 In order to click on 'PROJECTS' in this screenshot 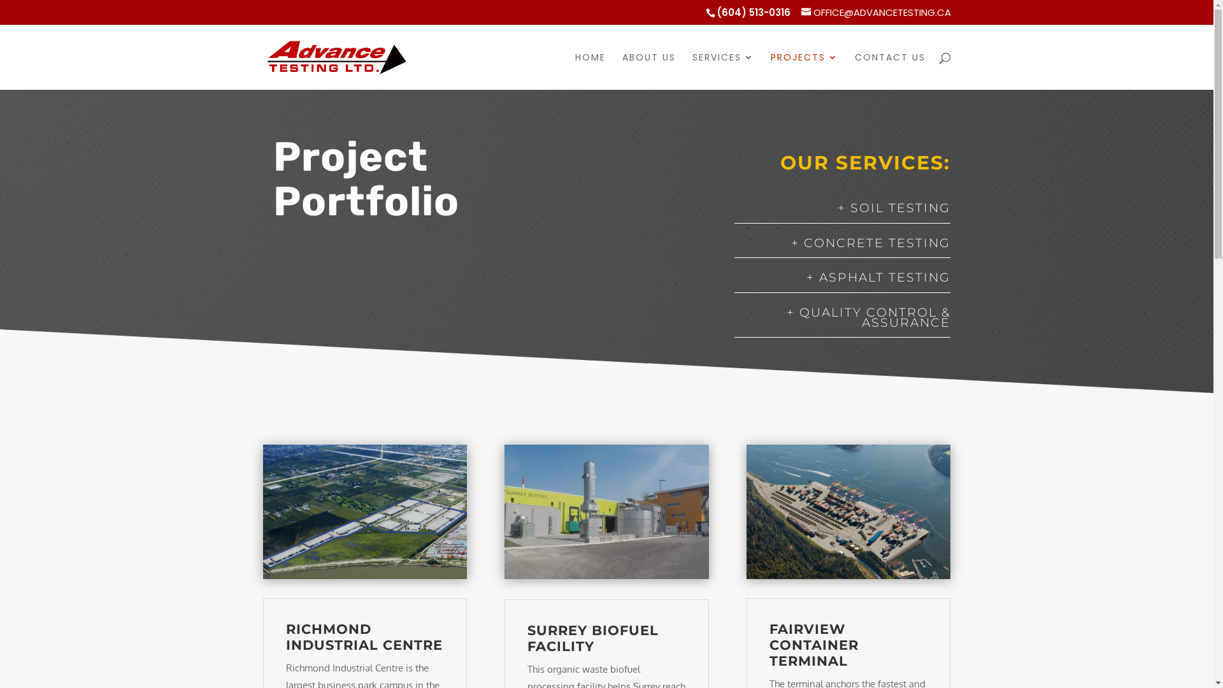, I will do `click(803, 71)`.